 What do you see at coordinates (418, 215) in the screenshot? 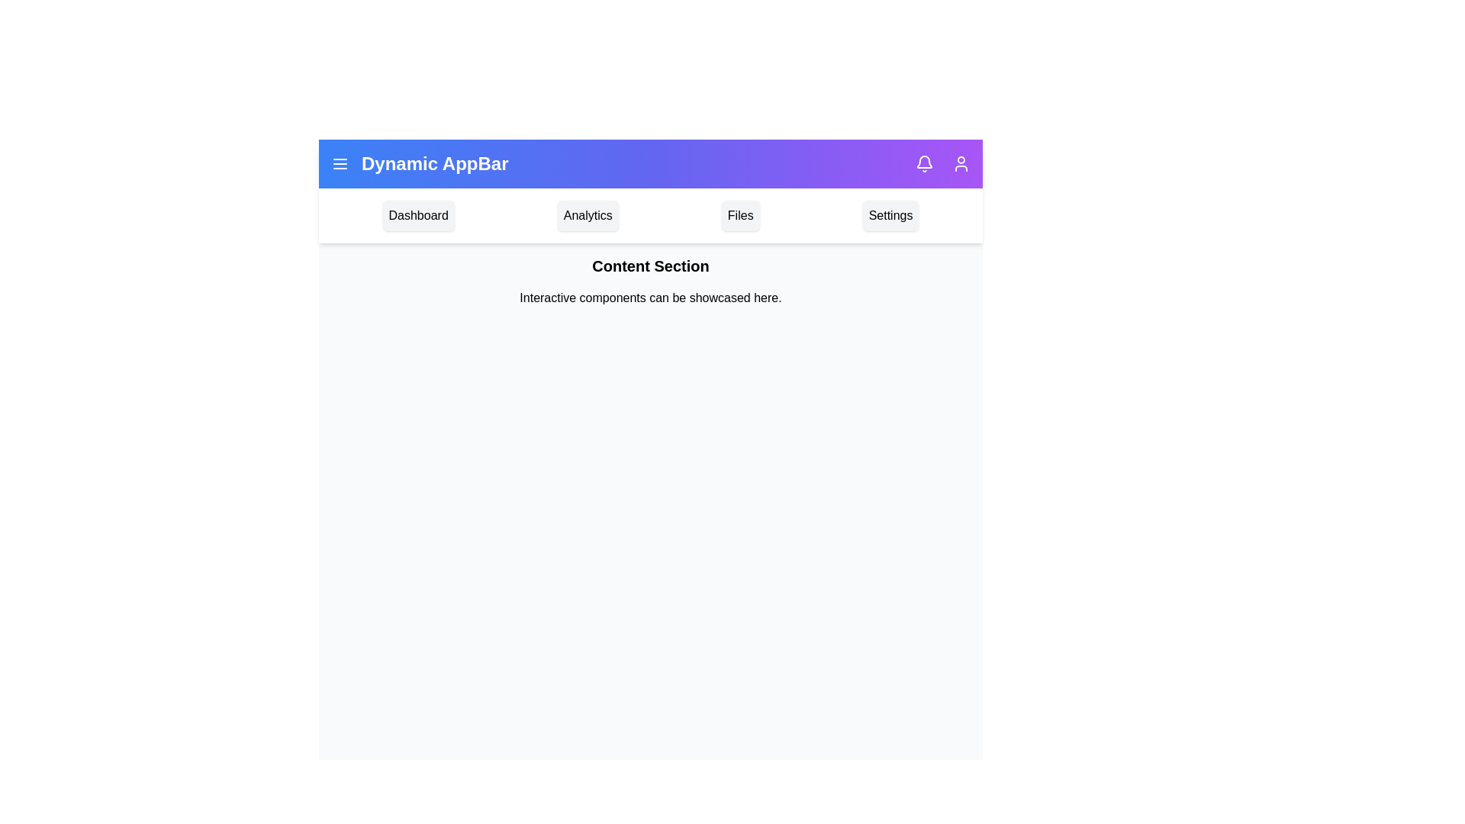
I see `the navigation menu item labeled Dashboard` at bounding box center [418, 215].